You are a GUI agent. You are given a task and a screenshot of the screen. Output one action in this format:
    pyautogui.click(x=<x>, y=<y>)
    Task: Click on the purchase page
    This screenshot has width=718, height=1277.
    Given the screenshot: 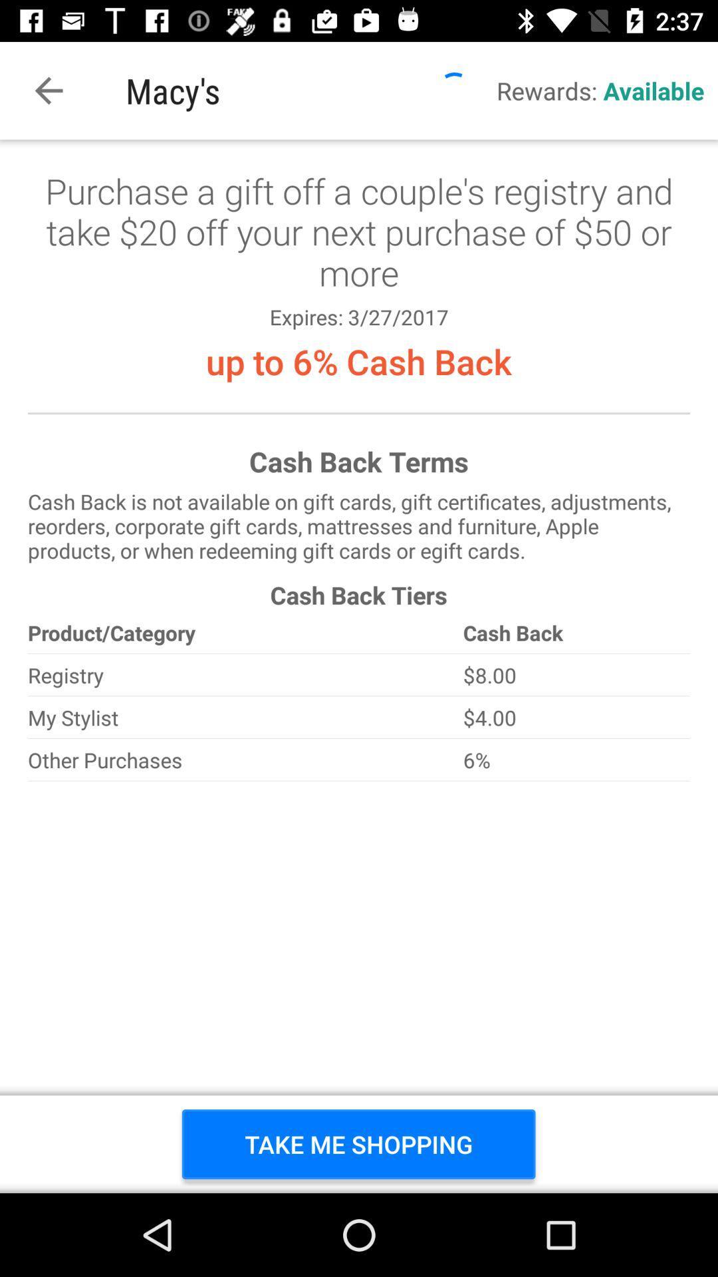 What is the action you would take?
    pyautogui.click(x=359, y=666)
    